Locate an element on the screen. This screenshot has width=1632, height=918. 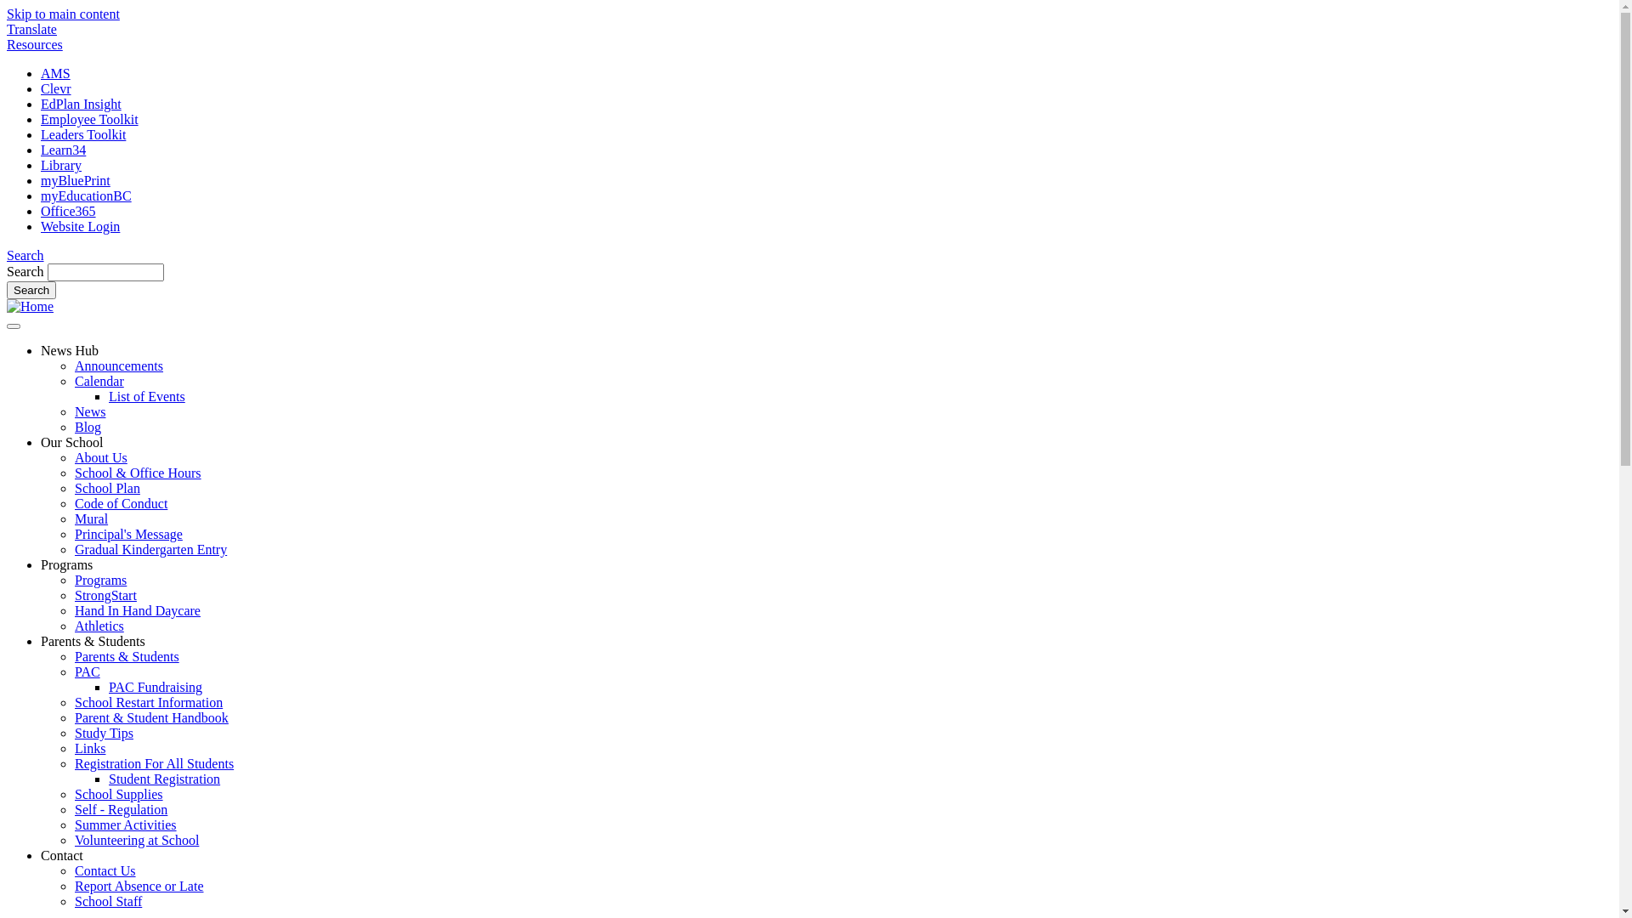
'Office365' is located at coordinates (68, 210).